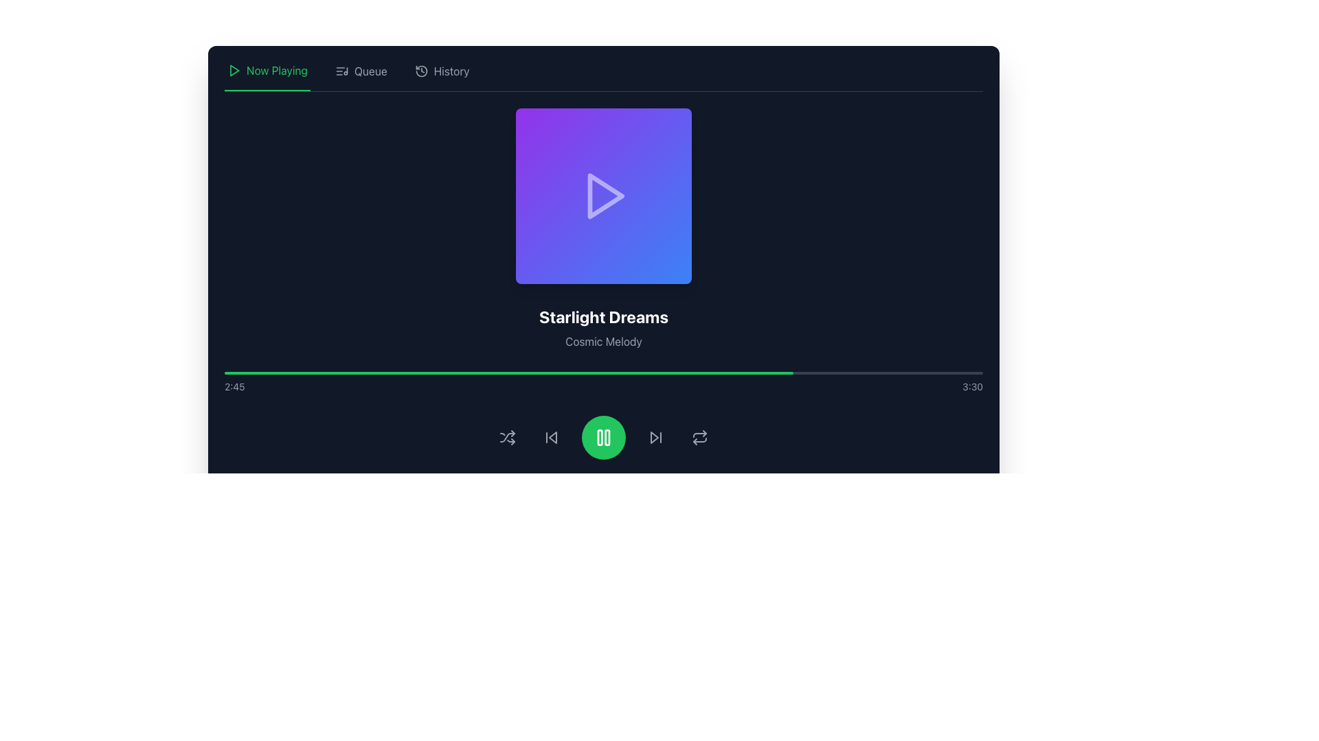 The height and width of the screenshot is (741, 1319). What do you see at coordinates (267, 76) in the screenshot?
I see `the navigation tab button for currently playing media` at bounding box center [267, 76].